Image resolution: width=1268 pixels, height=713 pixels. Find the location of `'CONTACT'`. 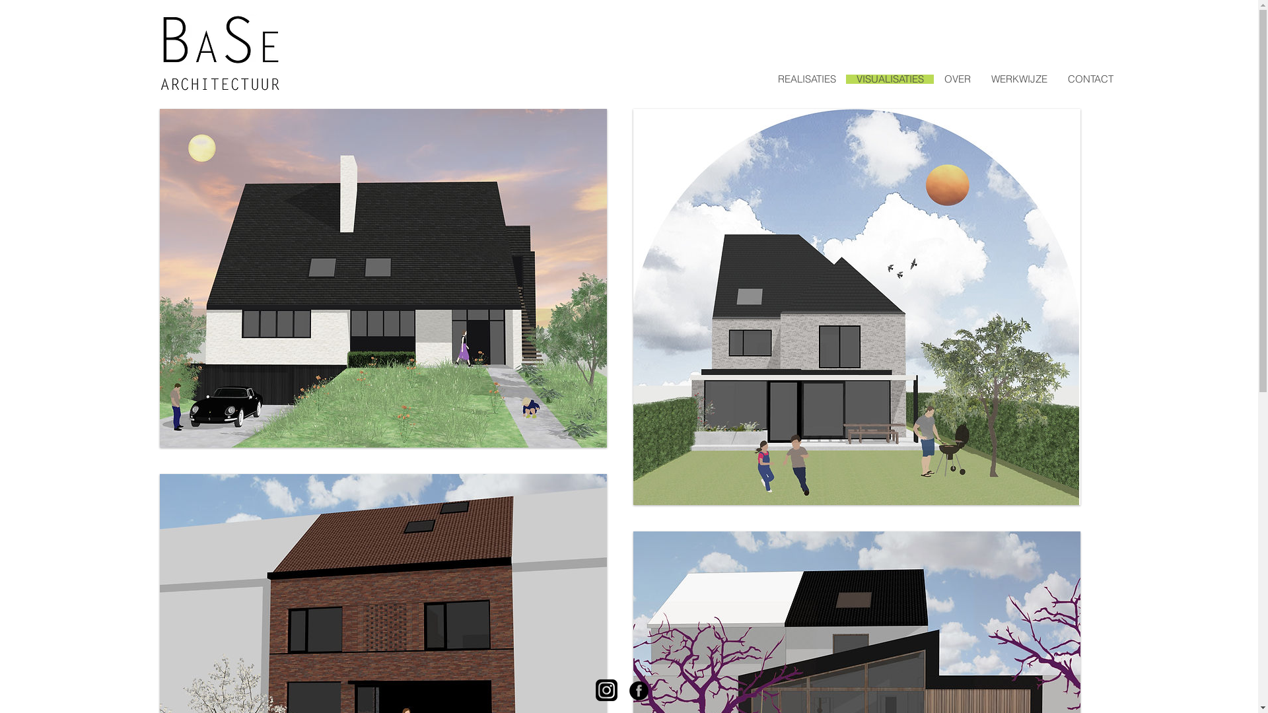

'CONTACT' is located at coordinates (1090, 79).